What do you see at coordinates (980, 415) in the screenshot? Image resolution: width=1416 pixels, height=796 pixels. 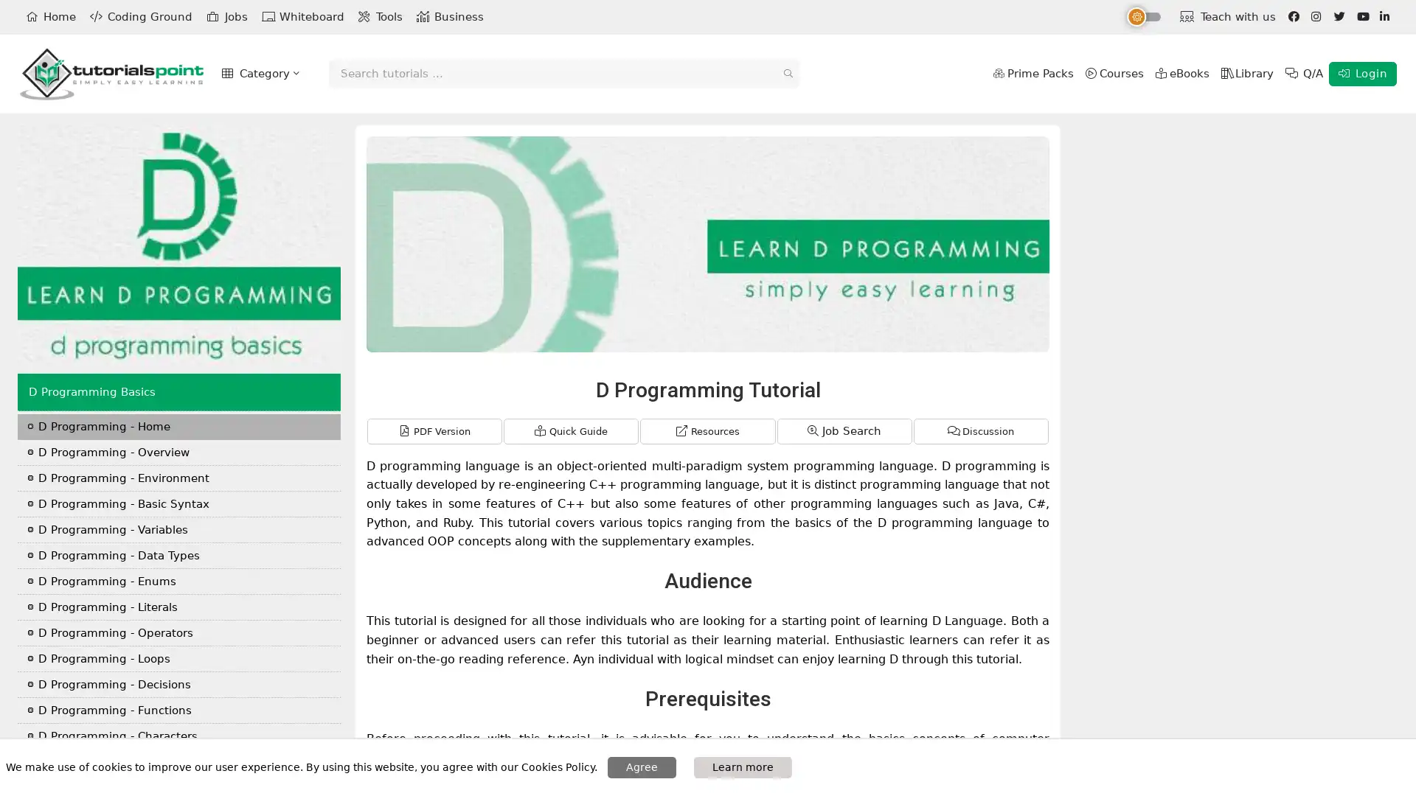 I see `Discussion` at bounding box center [980, 415].